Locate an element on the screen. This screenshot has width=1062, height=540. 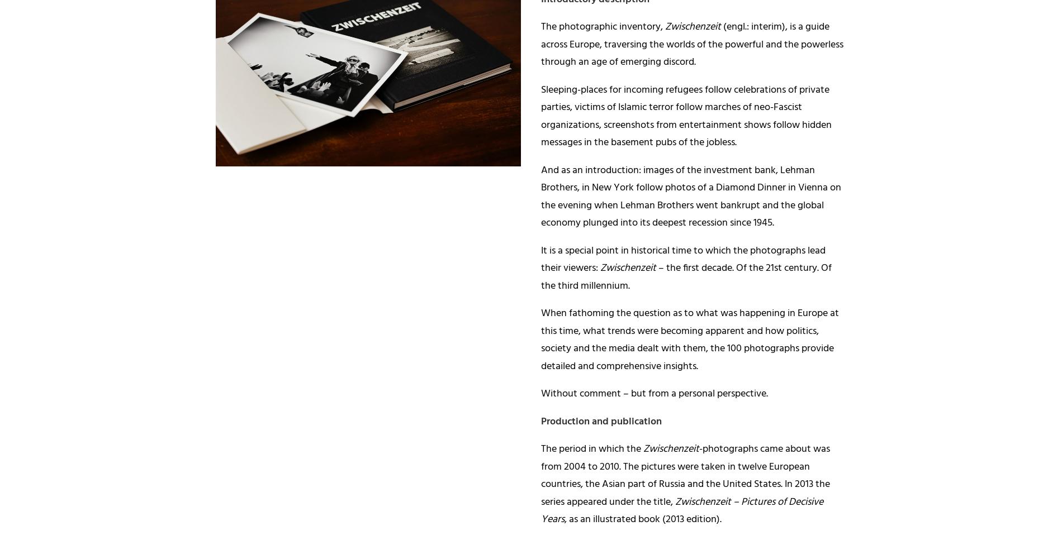
'It is a special point in historical time to which the photographs lead their viewers:' is located at coordinates (682, 259).